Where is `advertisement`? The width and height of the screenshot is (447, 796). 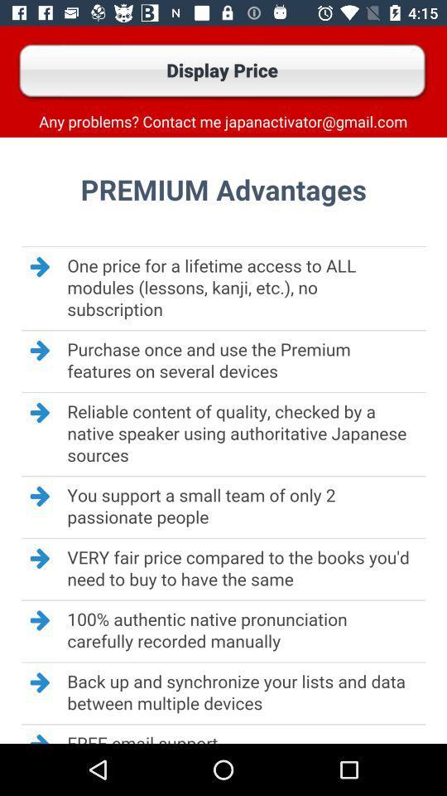 advertisement is located at coordinates (223, 439).